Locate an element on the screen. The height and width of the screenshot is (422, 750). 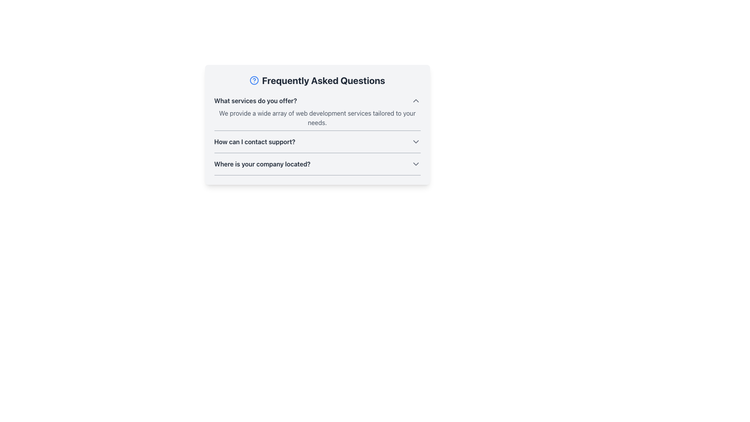
the text block that states 'We provide a wide array of web development services tailored to your needs.' which is styled in gray and located below the question 'What services do you offer?' in the FAQ section is located at coordinates (317, 118).